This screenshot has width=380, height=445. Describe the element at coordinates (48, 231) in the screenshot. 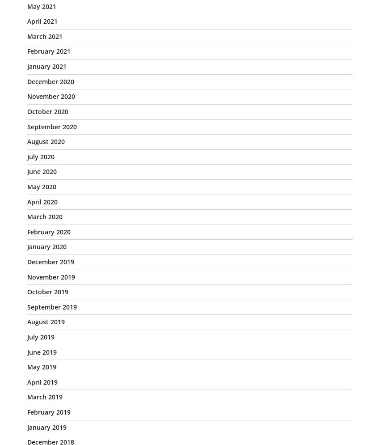

I see `'February 2020'` at that location.